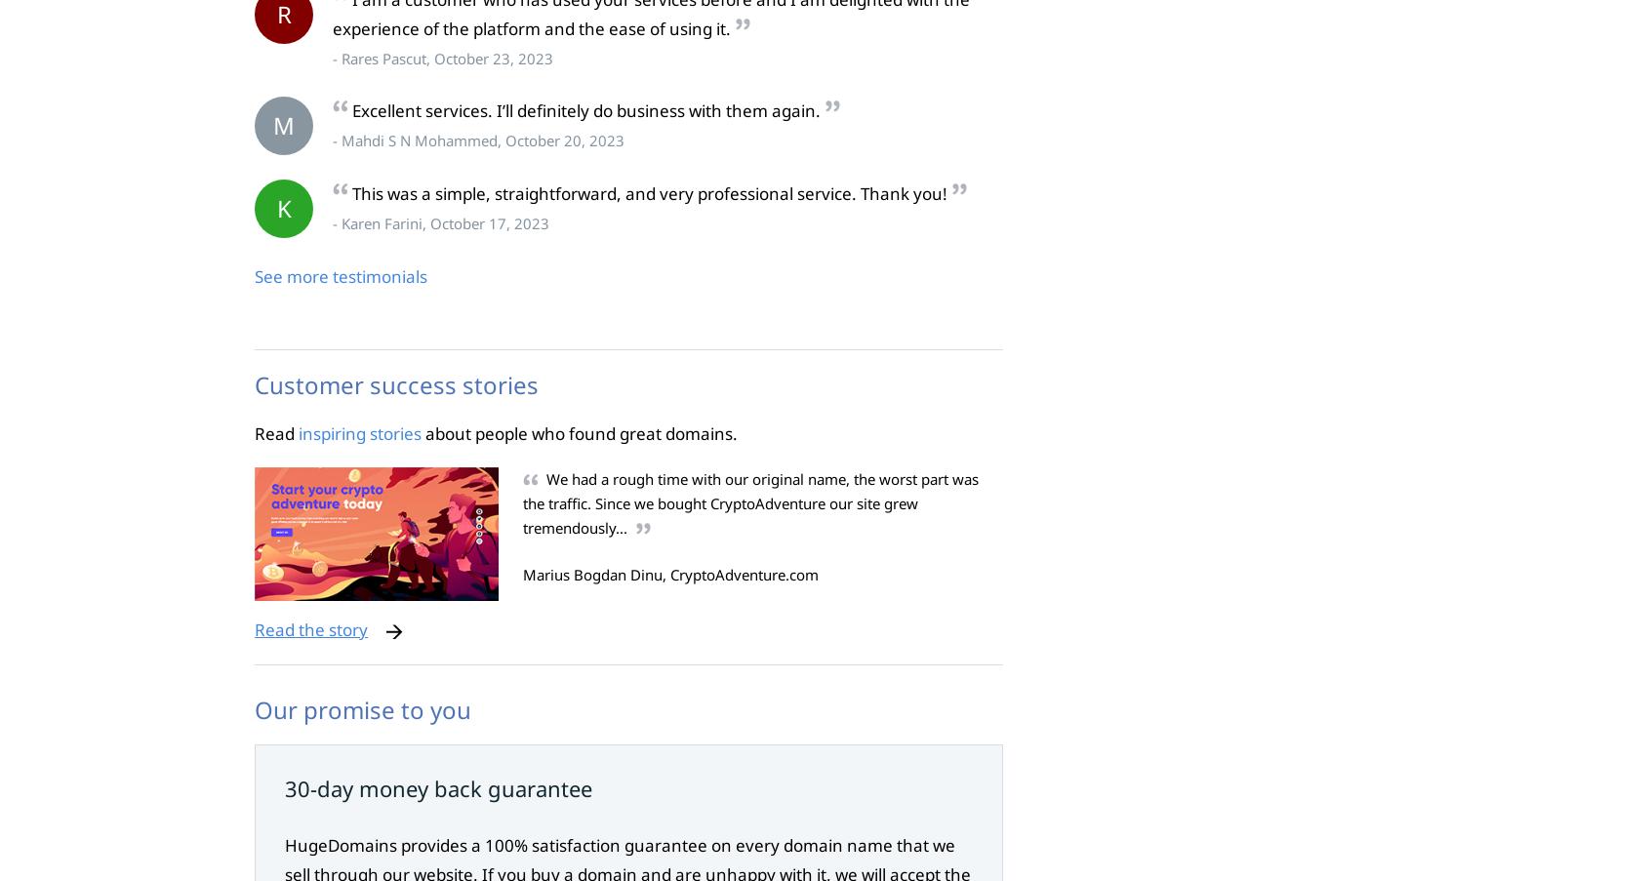 The height and width of the screenshot is (881, 1651). Describe the element at coordinates (360, 431) in the screenshot. I see `'inspiring stories'` at that location.